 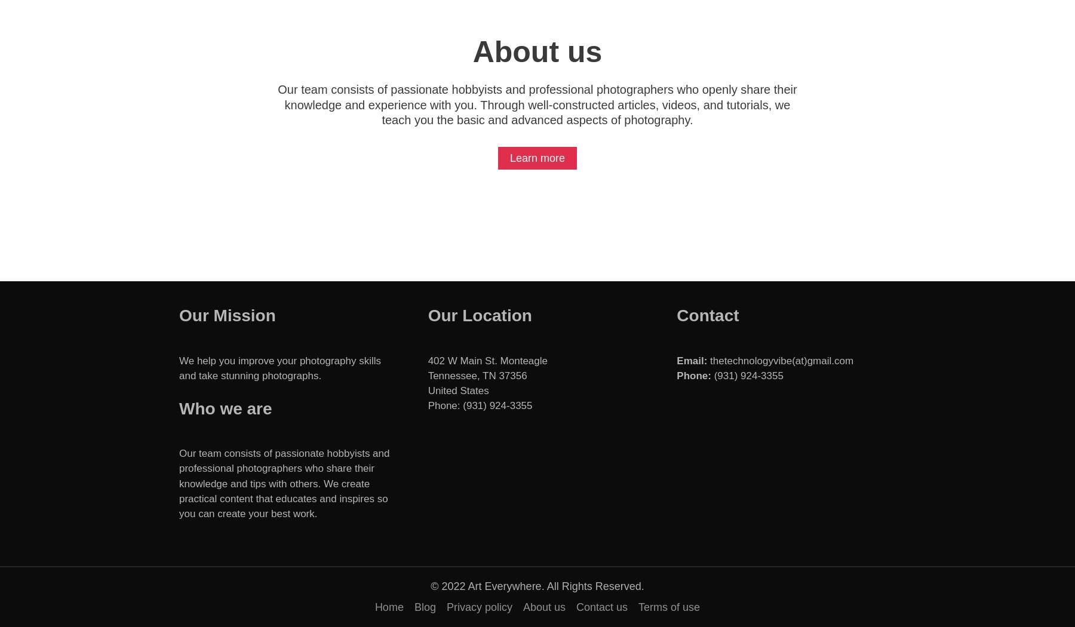 I want to click on 'Our team consists of passionate hobbyists and professional photographers who share their knowledge and tips with others. We create practical content that educates and inspires so you can create your best work.', so click(x=283, y=482).